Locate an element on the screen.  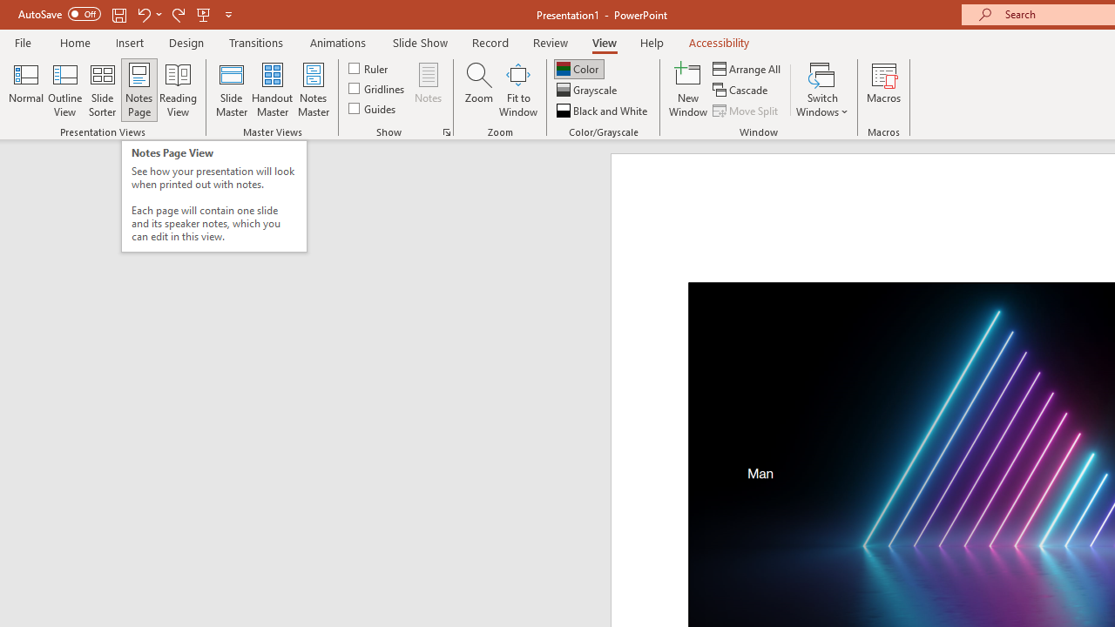
'Move Split' is located at coordinates (747, 111).